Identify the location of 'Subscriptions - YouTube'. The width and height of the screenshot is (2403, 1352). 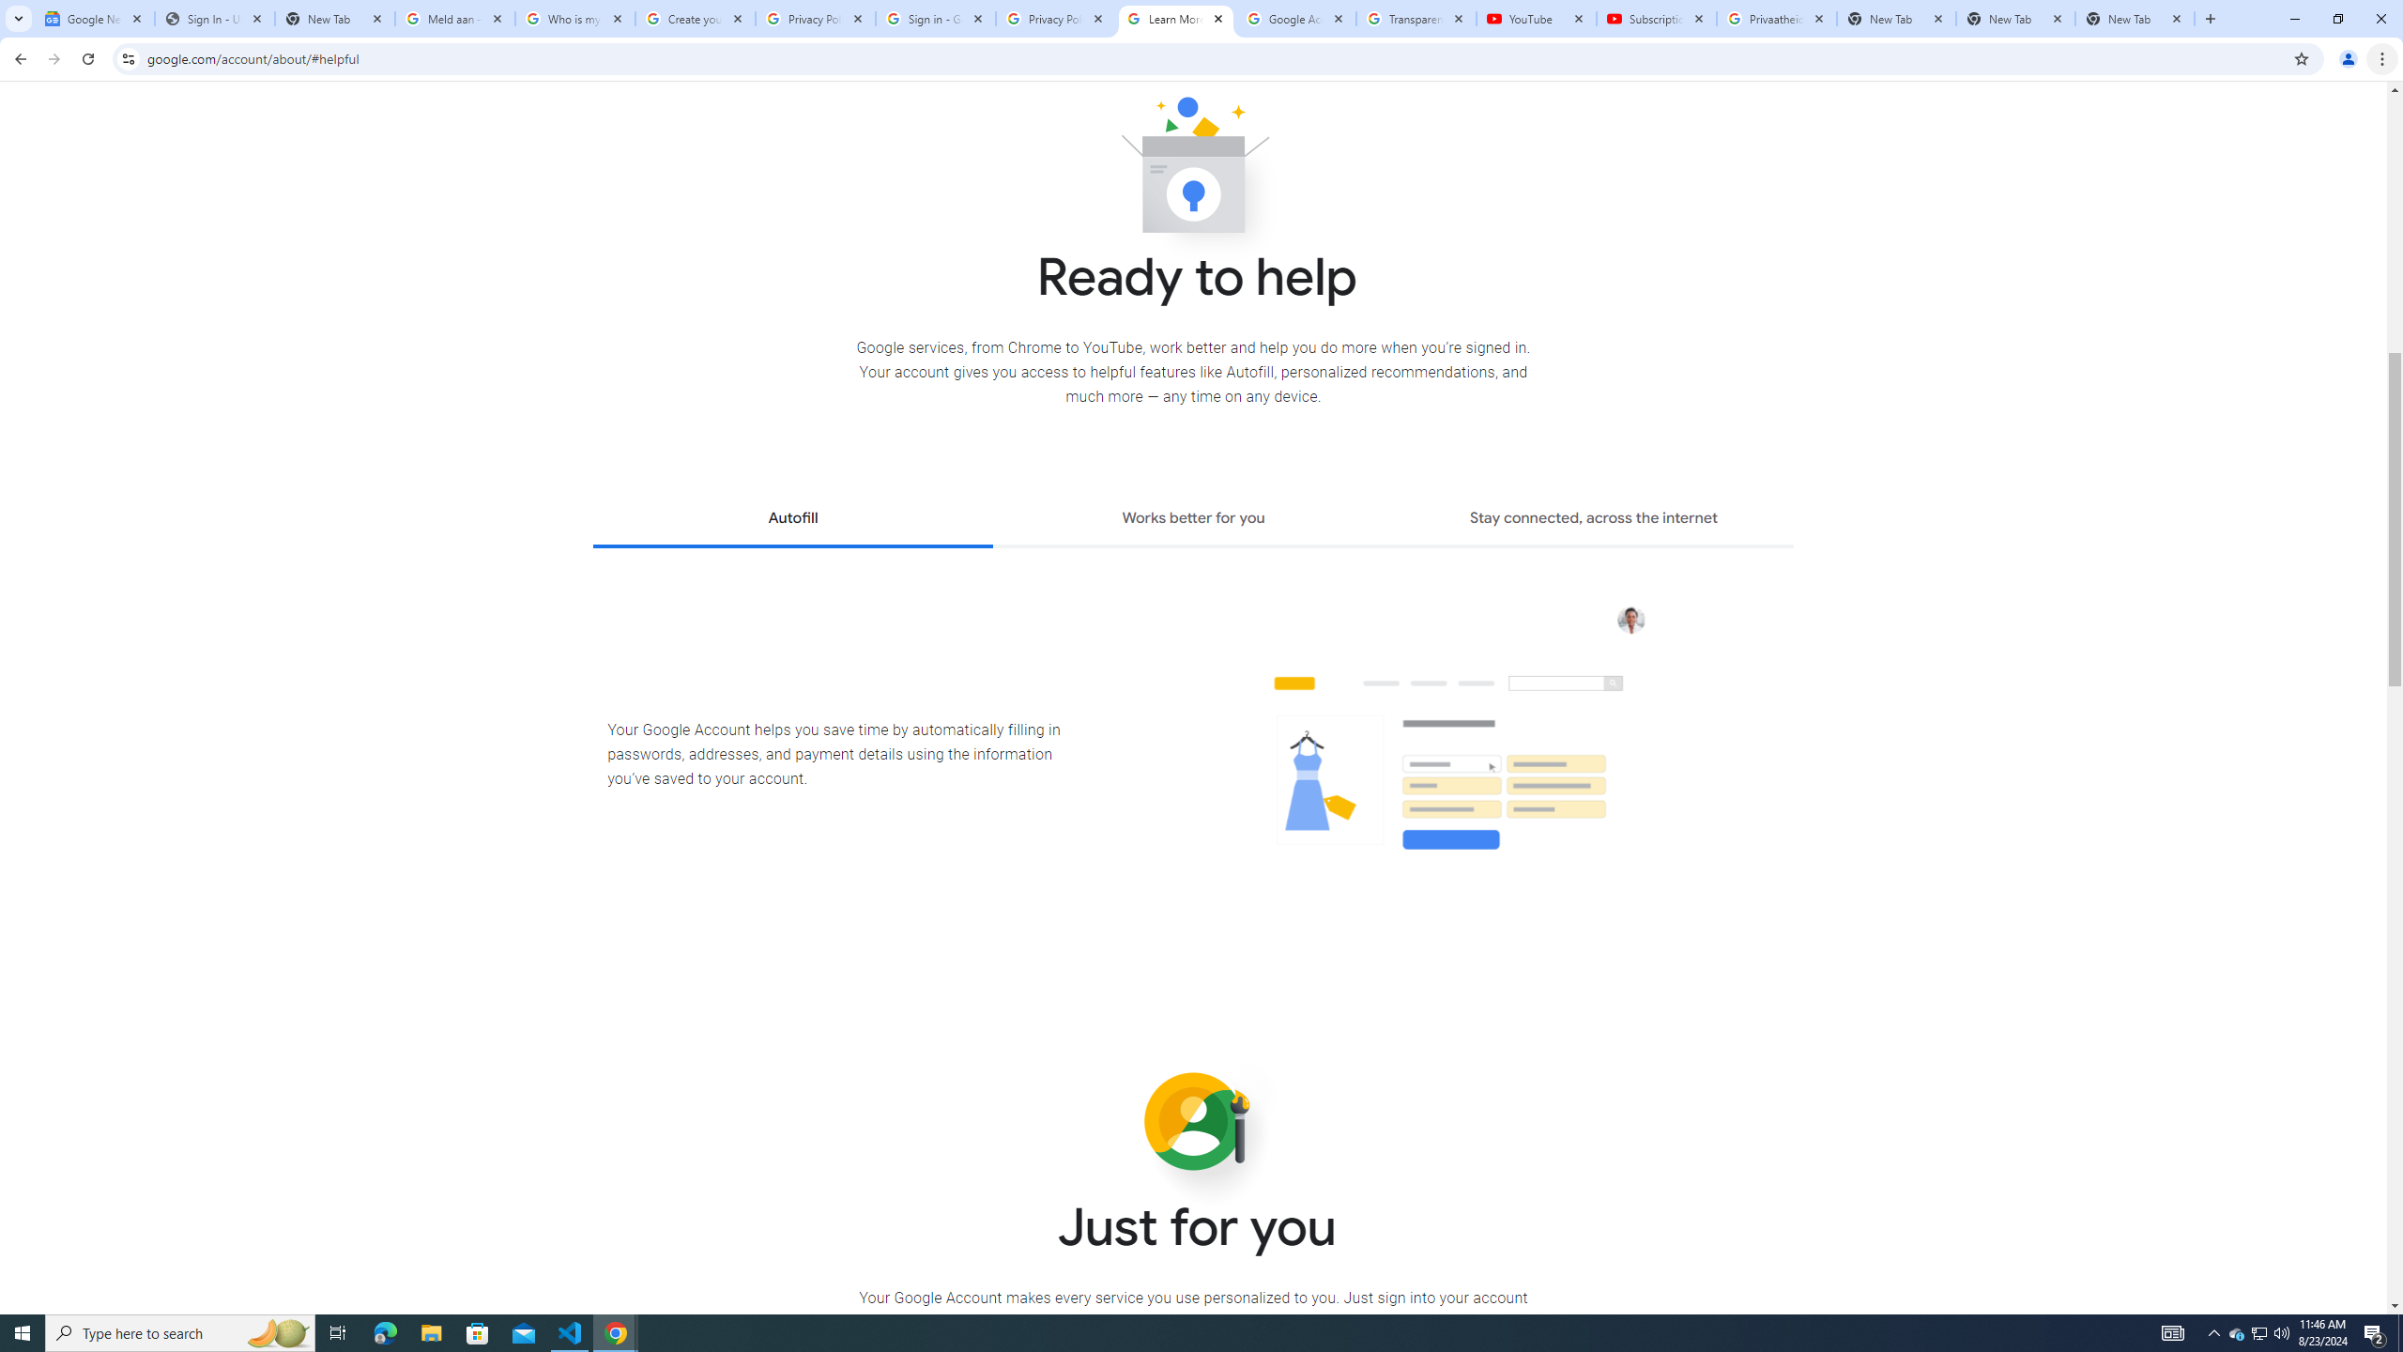
(1657, 18).